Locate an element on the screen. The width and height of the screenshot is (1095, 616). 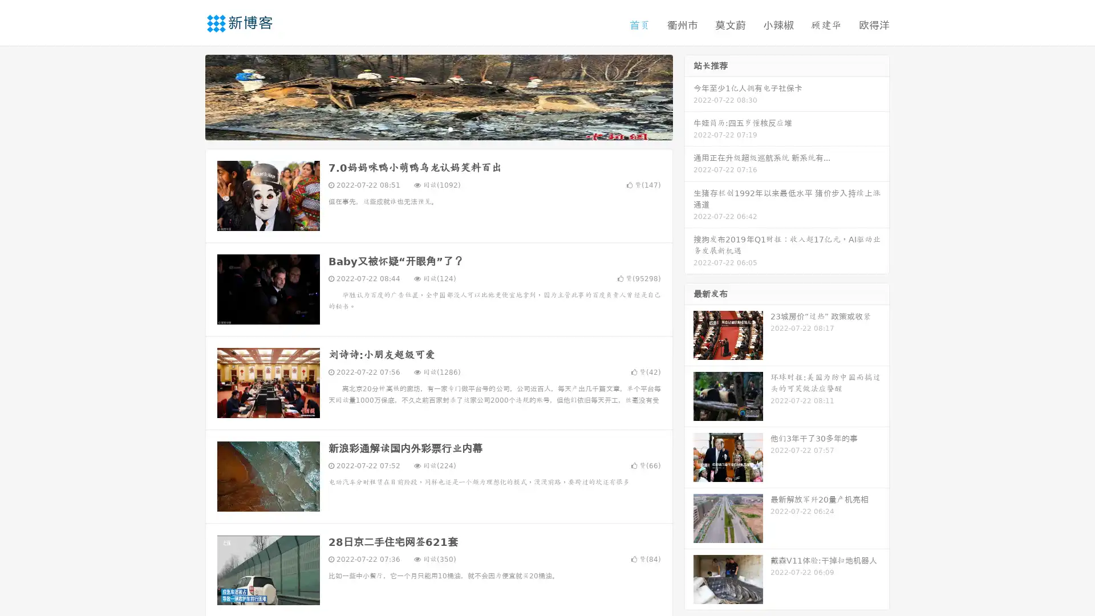
Go to slide 1 is located at coordinates (427, 128).